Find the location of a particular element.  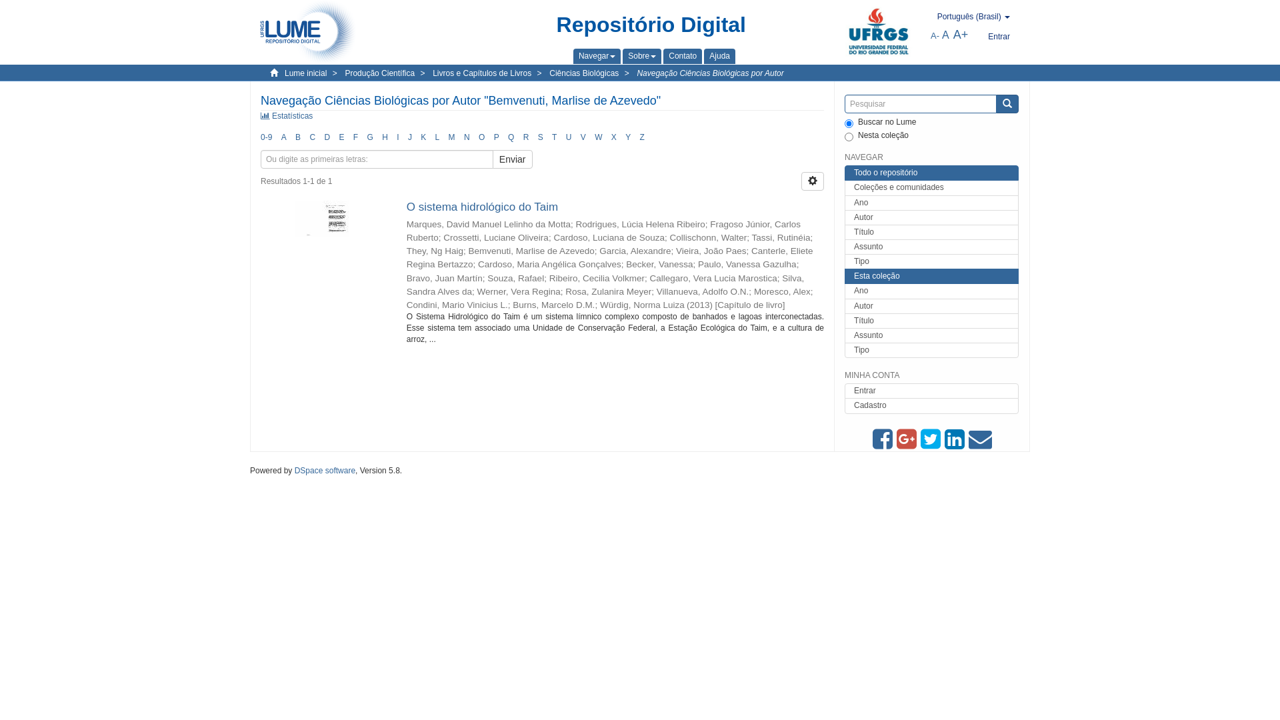

'P' is located at coordinates (495, 137).